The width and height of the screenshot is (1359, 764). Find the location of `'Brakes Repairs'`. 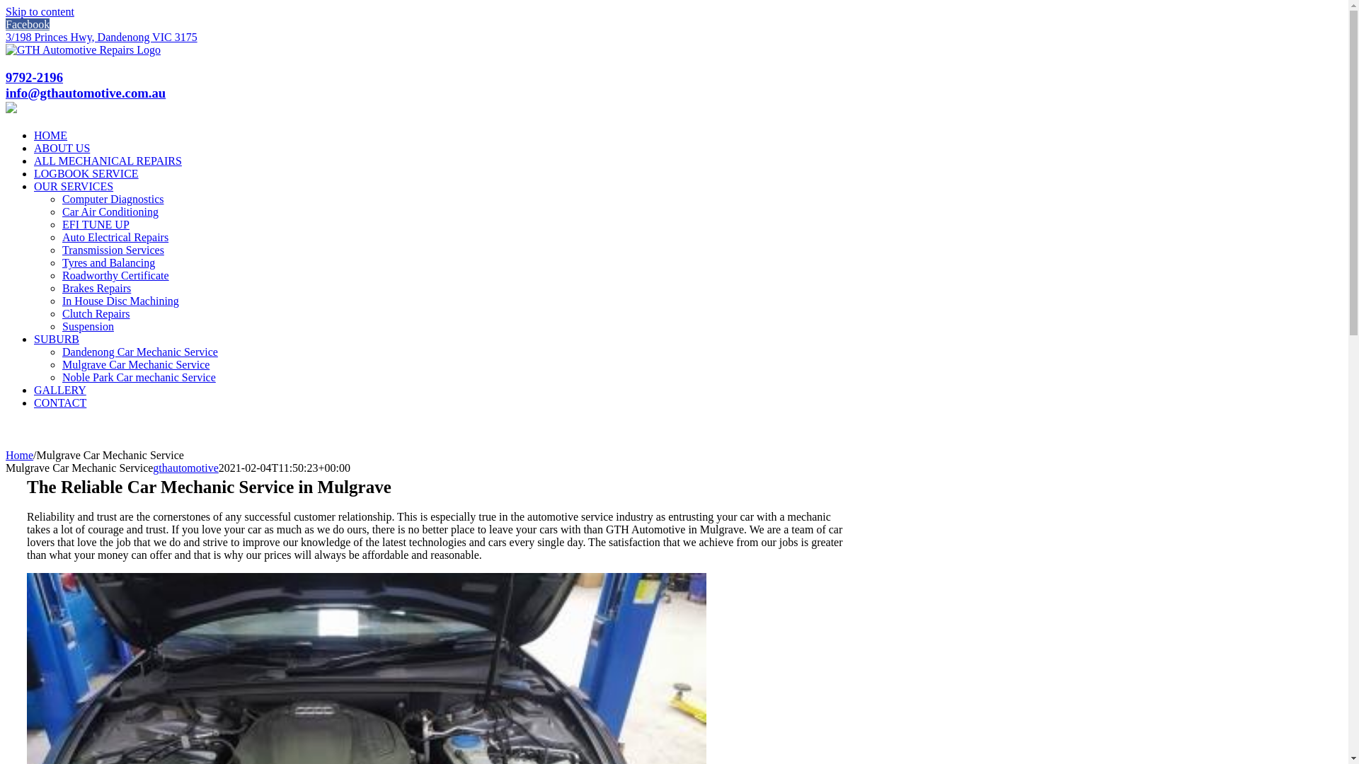

'Brakes Repairs' is located at coordinates (61, 287).